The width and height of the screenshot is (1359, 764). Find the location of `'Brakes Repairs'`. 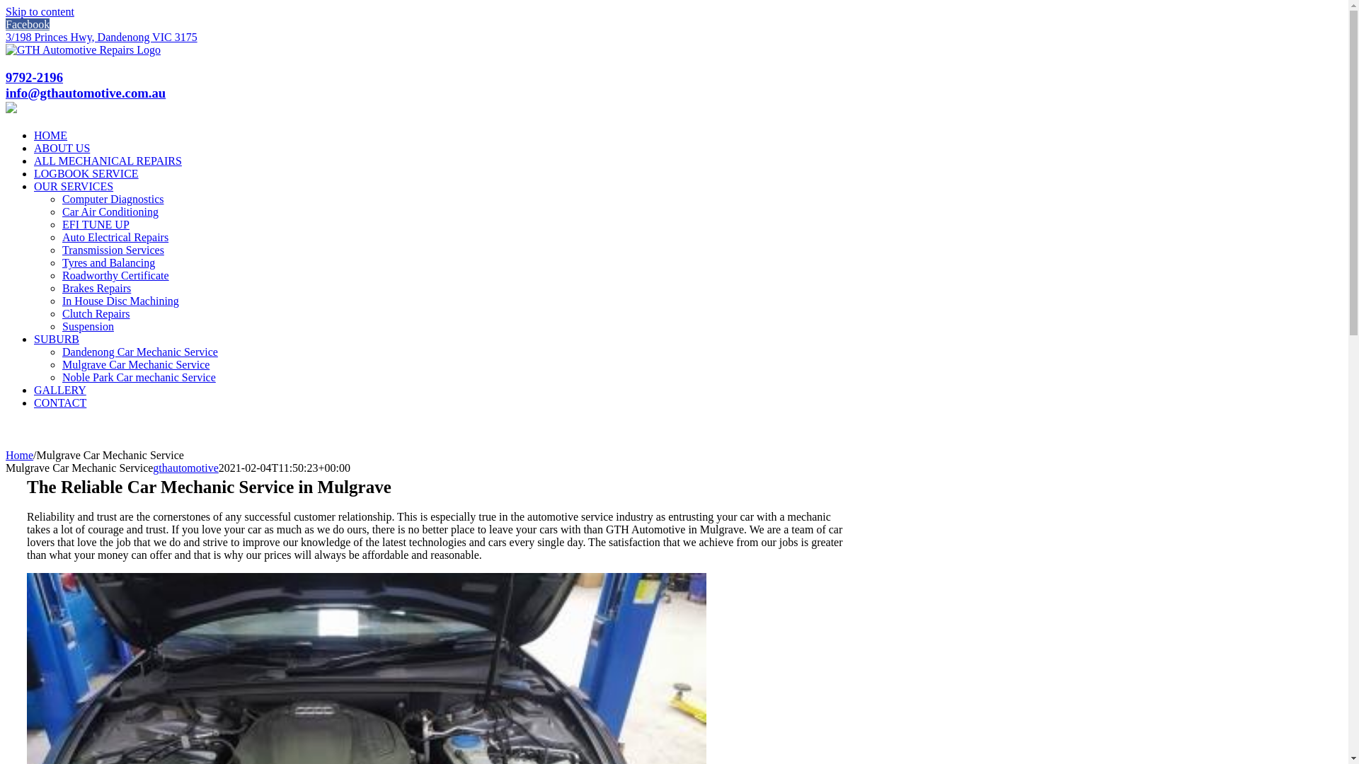

'Brakes Repairs' is located at coordinates (61, 287).